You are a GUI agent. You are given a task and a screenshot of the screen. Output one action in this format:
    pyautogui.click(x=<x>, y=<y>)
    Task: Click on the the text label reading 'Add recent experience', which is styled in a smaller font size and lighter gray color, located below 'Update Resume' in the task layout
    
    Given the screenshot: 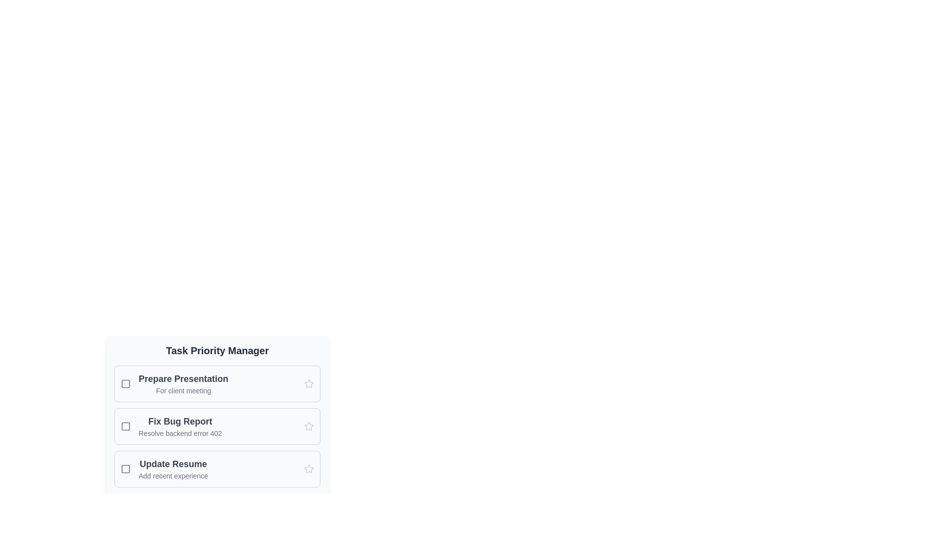 What is the action you would take?
    pyautogui.click(x=173, y=475)
    